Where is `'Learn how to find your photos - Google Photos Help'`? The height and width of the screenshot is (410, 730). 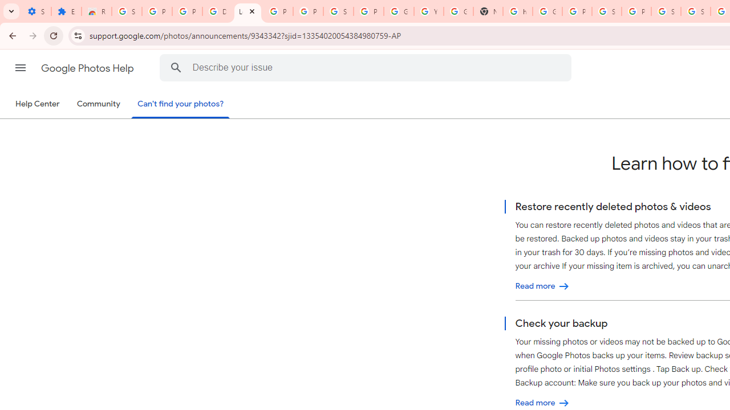 'Learn how to find your photos - Google Photos Help' is located at coordinates (247, 11).